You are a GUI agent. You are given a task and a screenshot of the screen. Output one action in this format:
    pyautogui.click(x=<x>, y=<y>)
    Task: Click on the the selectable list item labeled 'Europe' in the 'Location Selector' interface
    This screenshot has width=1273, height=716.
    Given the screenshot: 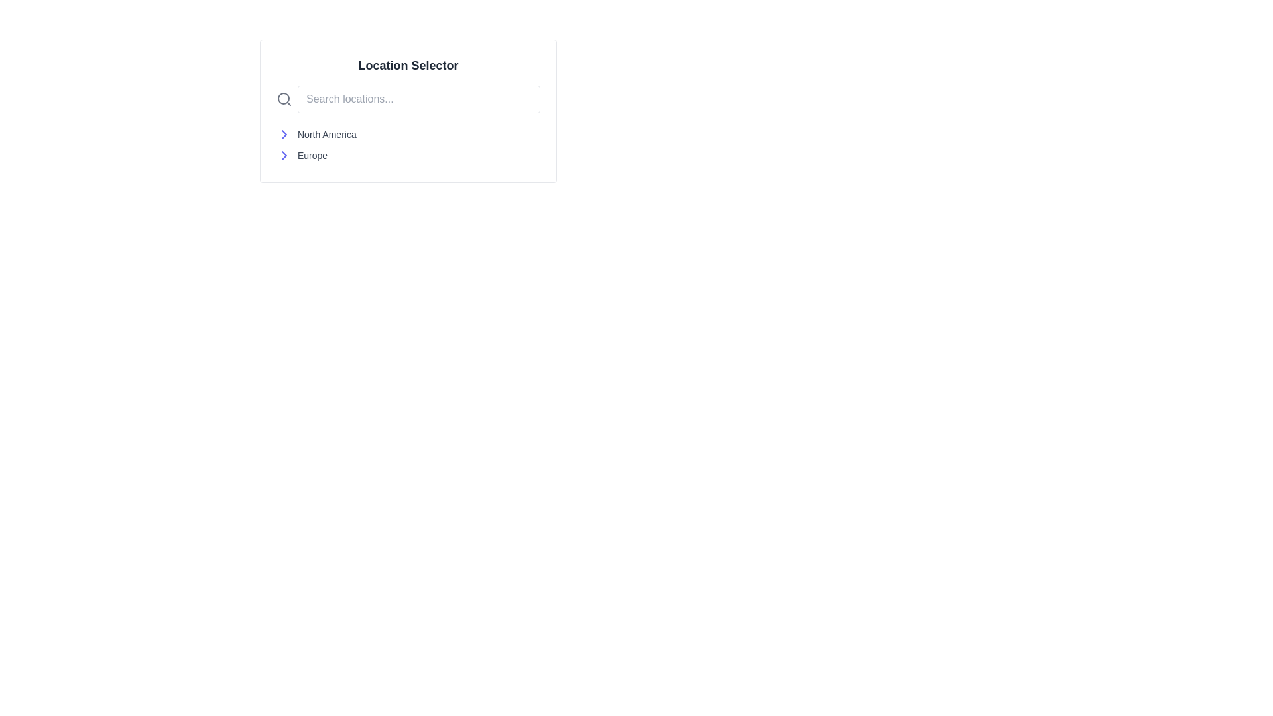 What is the action you would take?
    pyautogui.click(x=407, y=155)
    